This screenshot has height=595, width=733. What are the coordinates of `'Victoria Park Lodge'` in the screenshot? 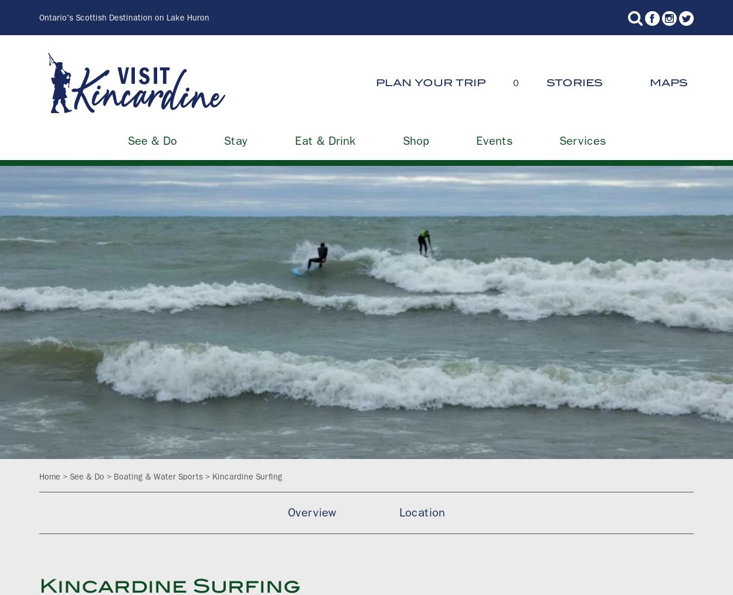 It's located at (477, 376).